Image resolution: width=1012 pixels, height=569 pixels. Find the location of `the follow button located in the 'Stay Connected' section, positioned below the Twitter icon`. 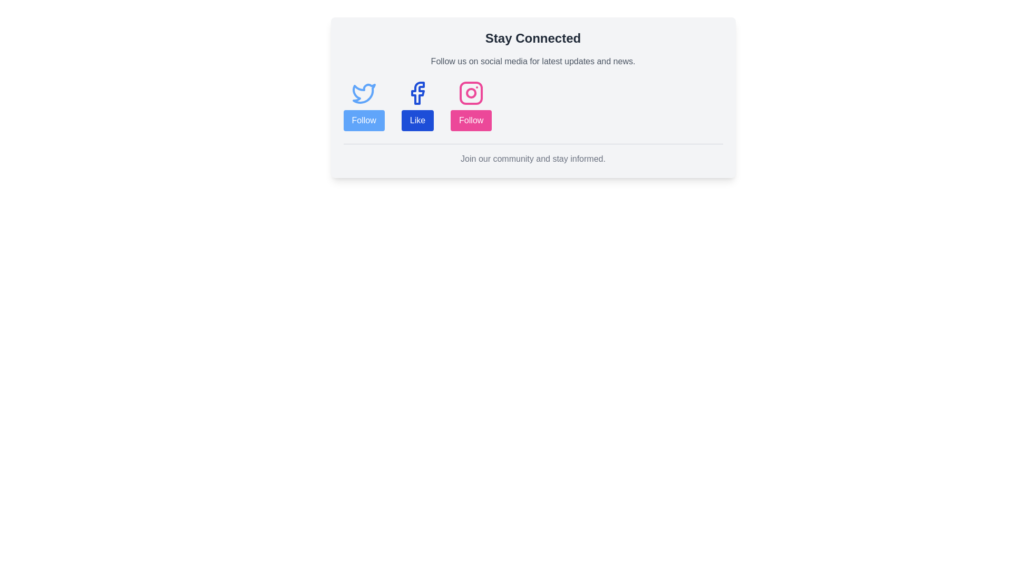

the follow button located in the 'Stay Connected' section, positioned below the Twitter icon is located at coordinates (364, 120).